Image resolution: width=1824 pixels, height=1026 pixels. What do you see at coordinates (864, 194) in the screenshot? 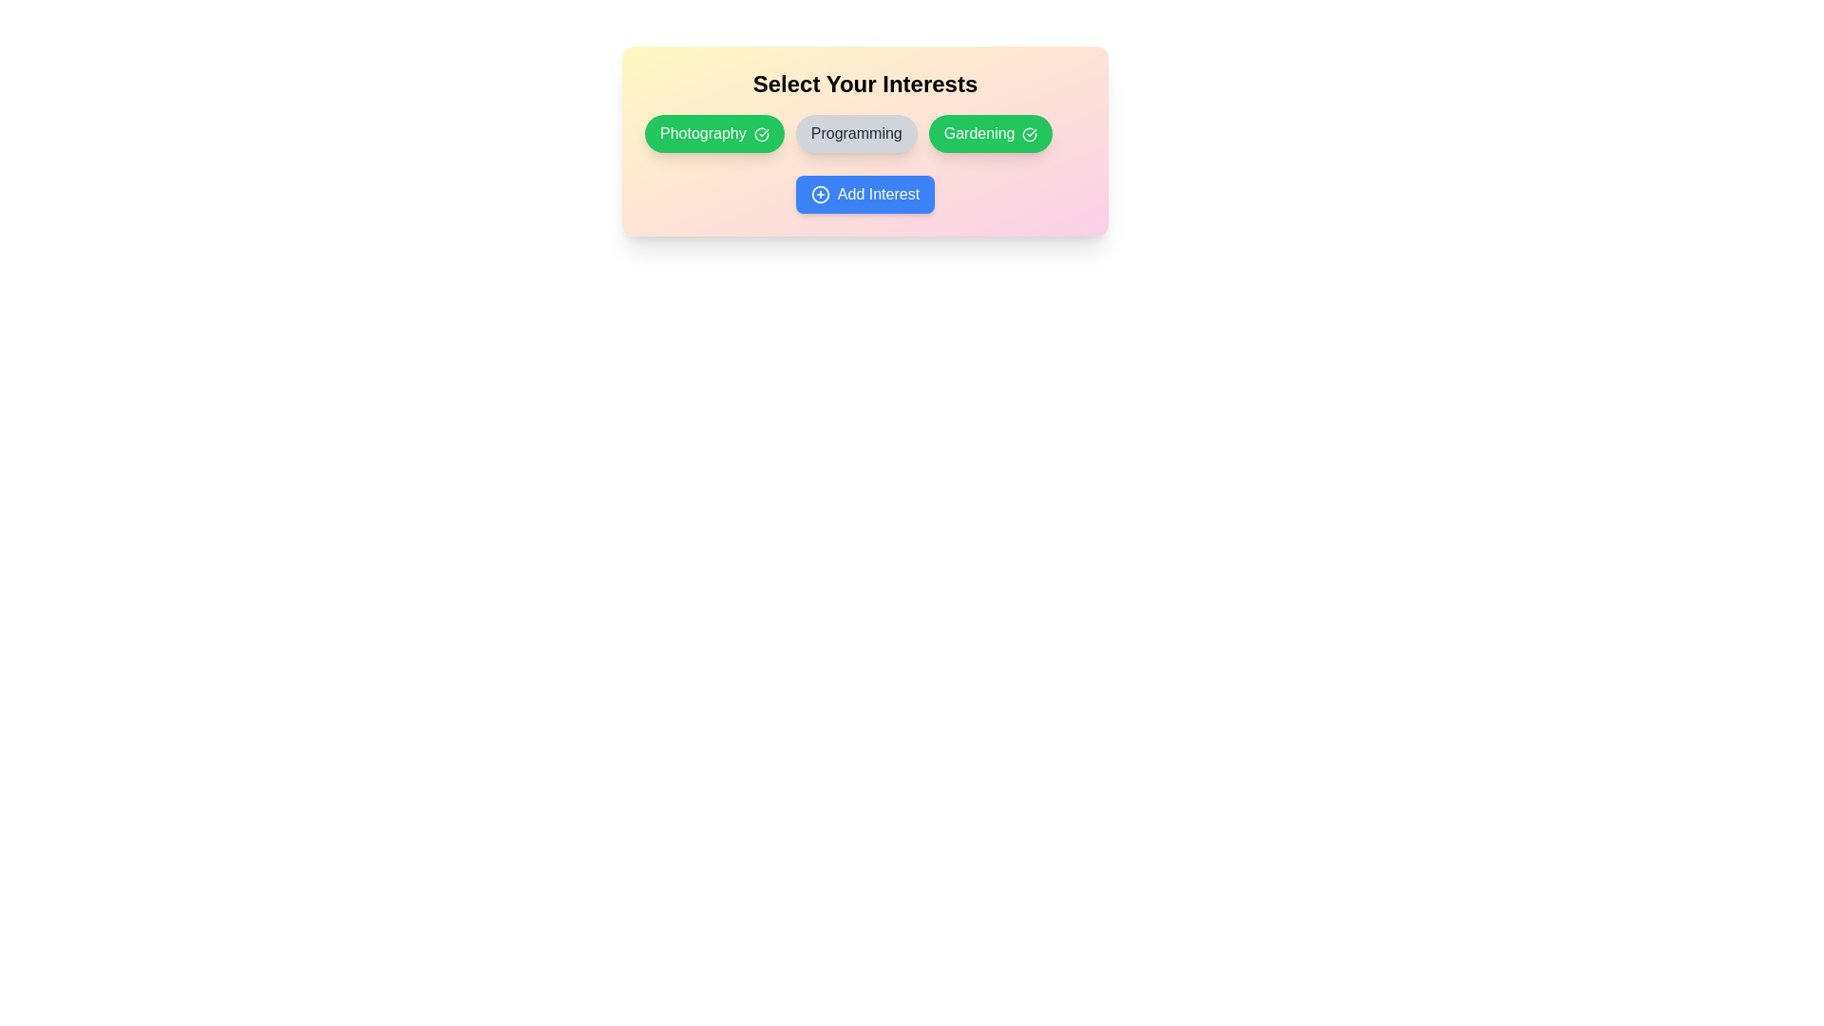
I see `the 'Add Interest' button to add a new interest` at bounding box center [864, 194].